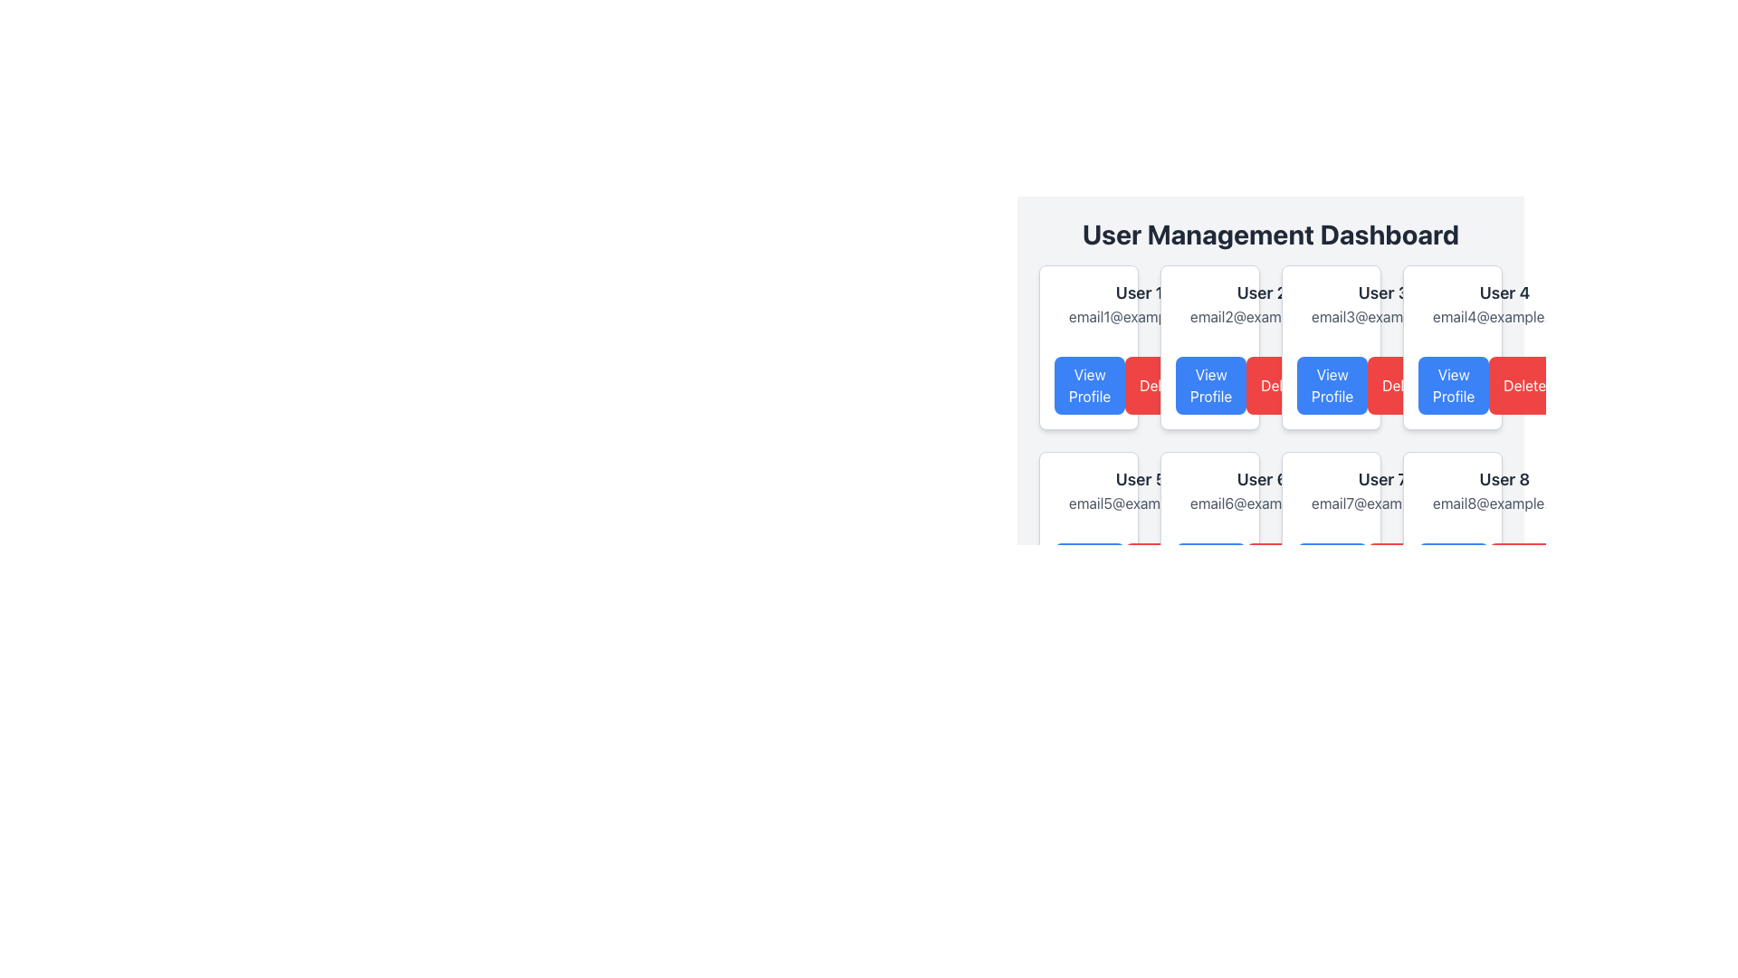 This screenshot has width=1738, height=978. Describe the element at coordinates (1211, 572) in the screenshot. I see `the leftmost action button in the lower section of a user card` at that location.